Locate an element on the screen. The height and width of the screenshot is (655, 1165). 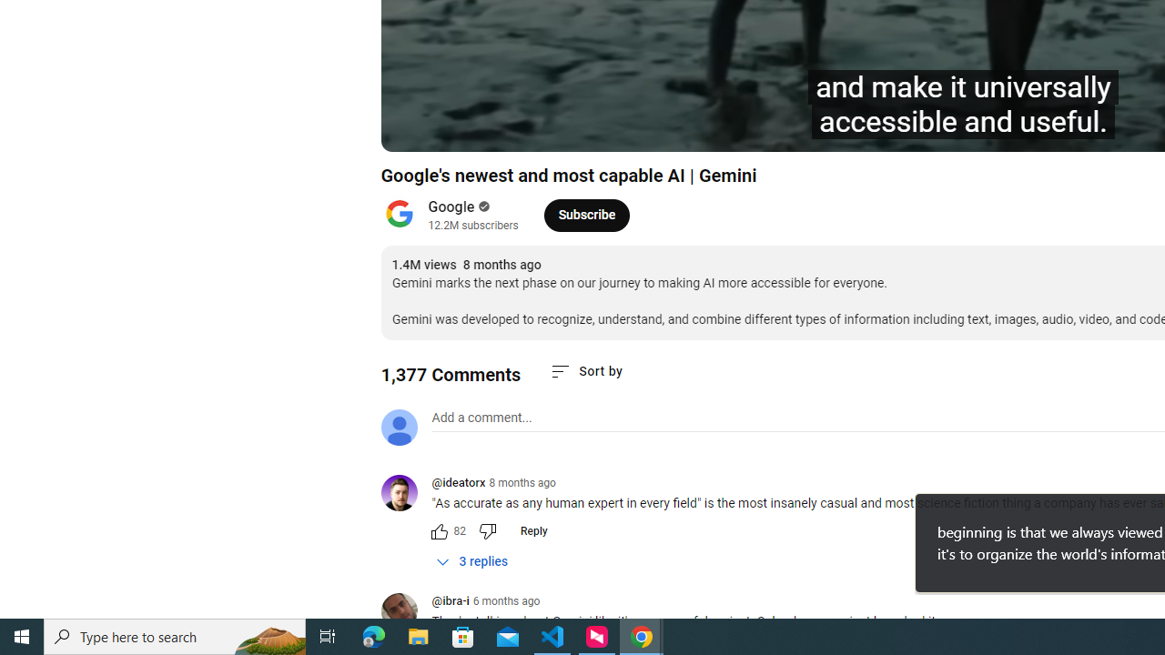
'3 replies' is located at coordinates (472, 560).